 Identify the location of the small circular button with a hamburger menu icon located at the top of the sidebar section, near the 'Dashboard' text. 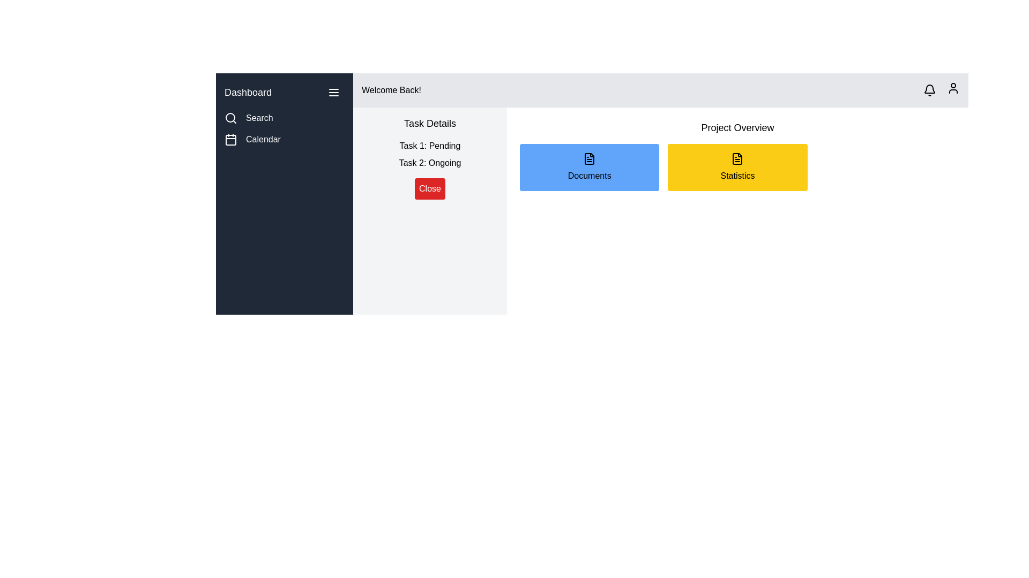
(333, 92).